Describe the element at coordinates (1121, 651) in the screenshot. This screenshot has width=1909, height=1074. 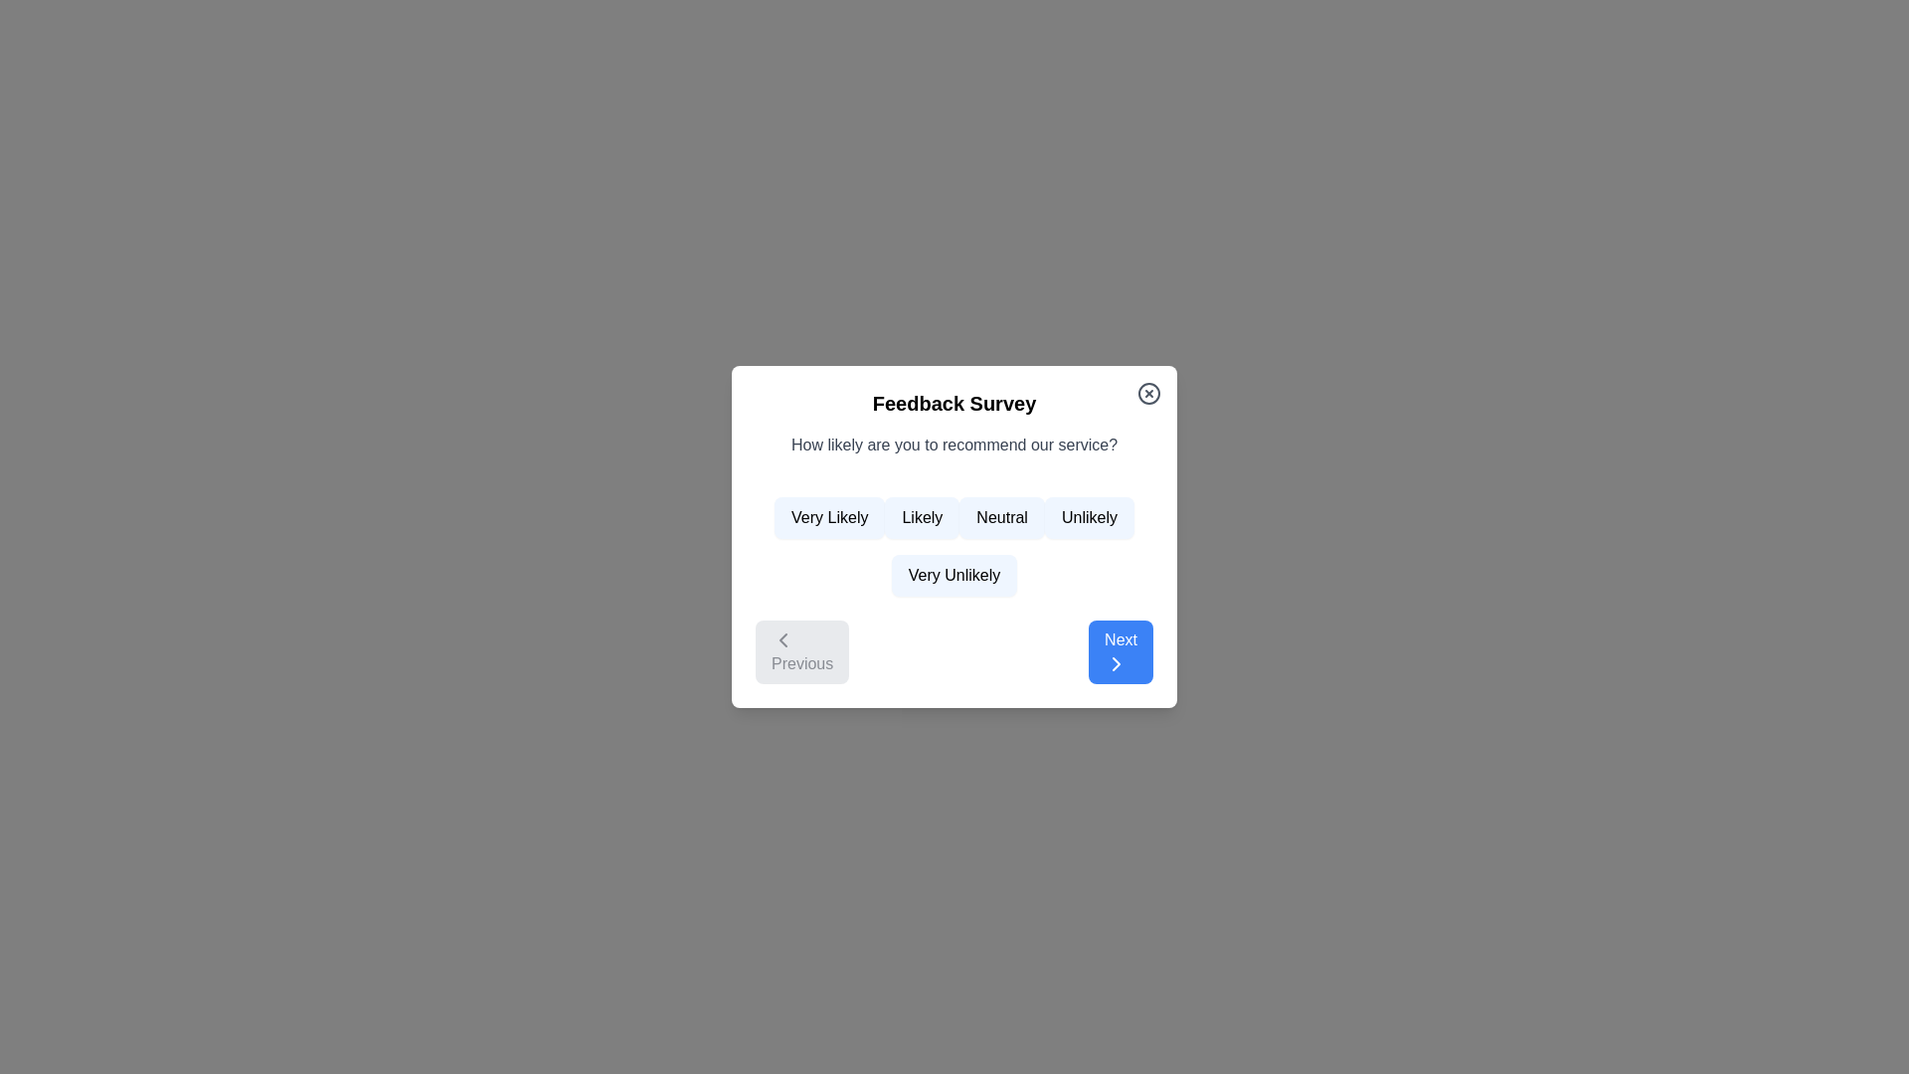
I see `the navigation button located at the bottom-right corner of the feedback survey dialog to proceed to the next page` at that location.